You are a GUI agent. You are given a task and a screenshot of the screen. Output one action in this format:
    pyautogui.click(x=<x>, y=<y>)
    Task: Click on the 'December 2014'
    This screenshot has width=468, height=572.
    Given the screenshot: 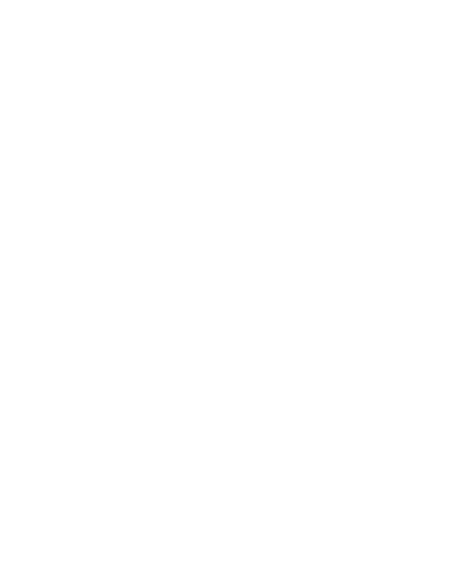 What is the action you would take?
    pyautogui.click(x=79, y=499)
    